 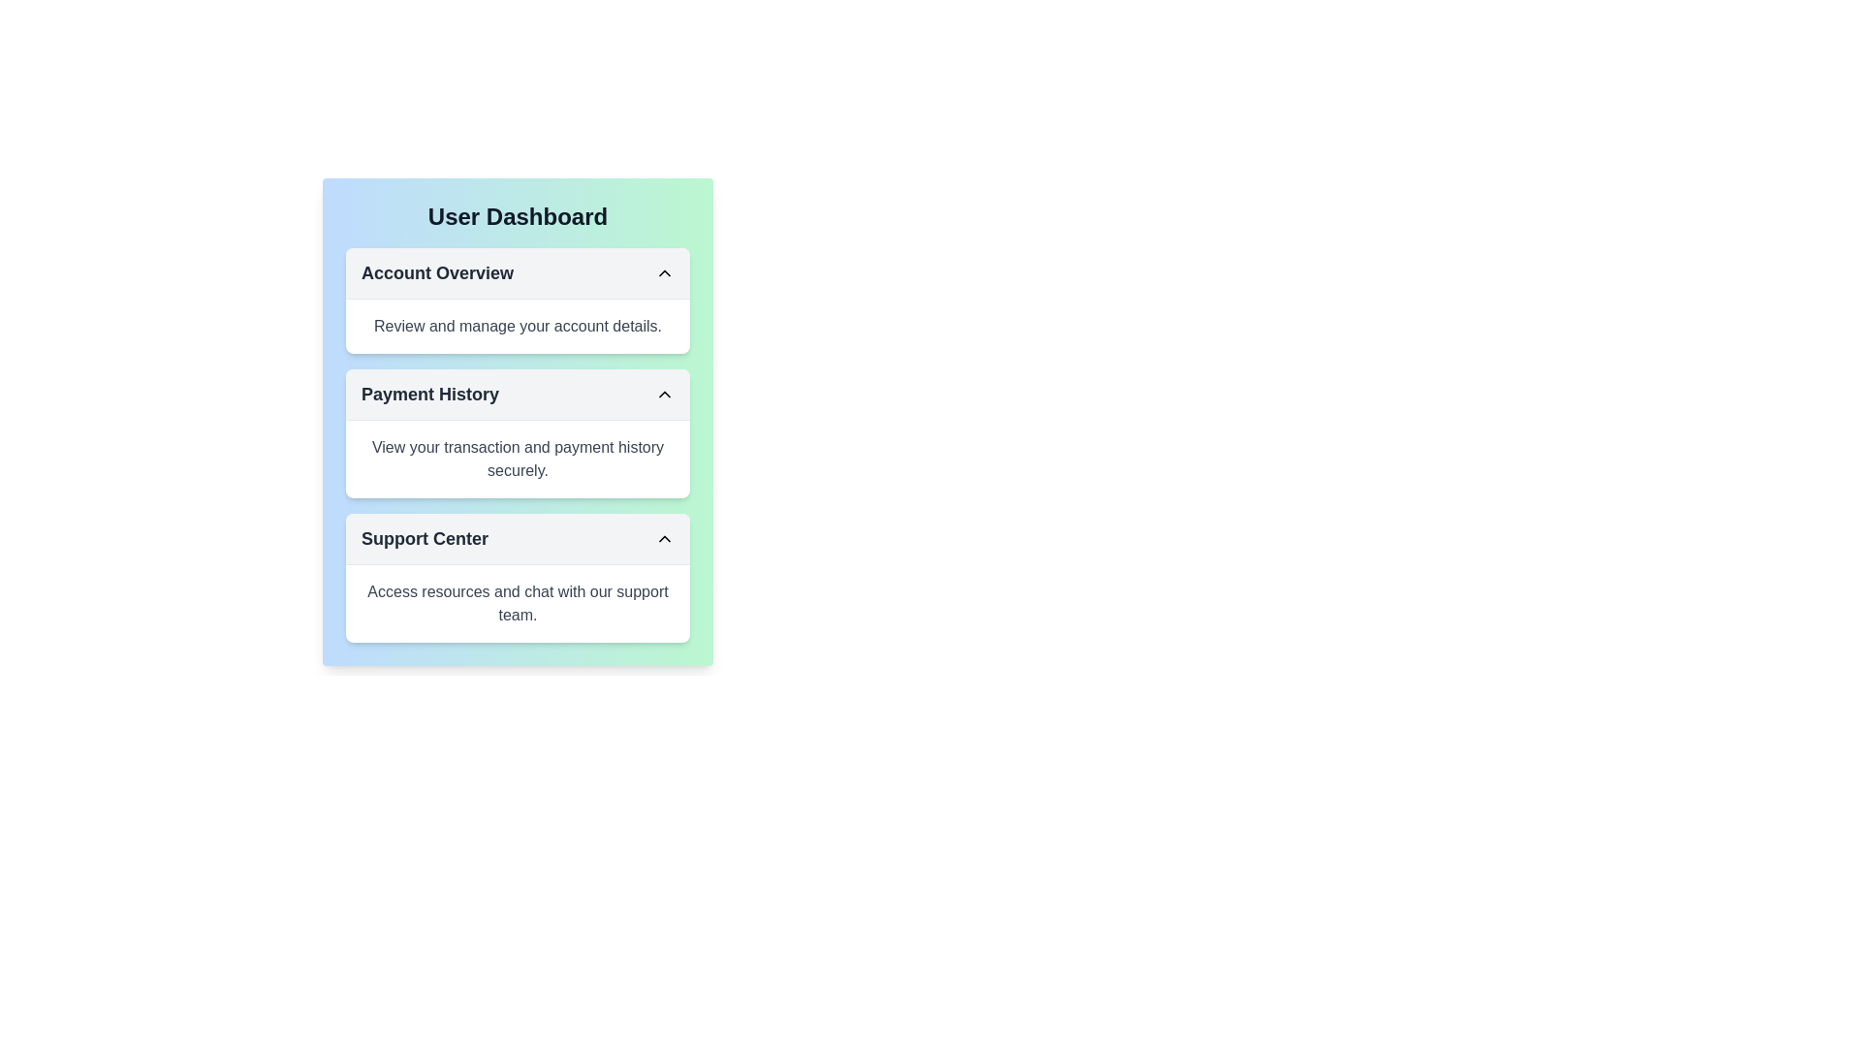 What do you see at coordinates (665, 538) in the screenshot?
I see `the Chevron Up icon located at the far right of the 'Support Center' section` at bounding box center [665, 538].